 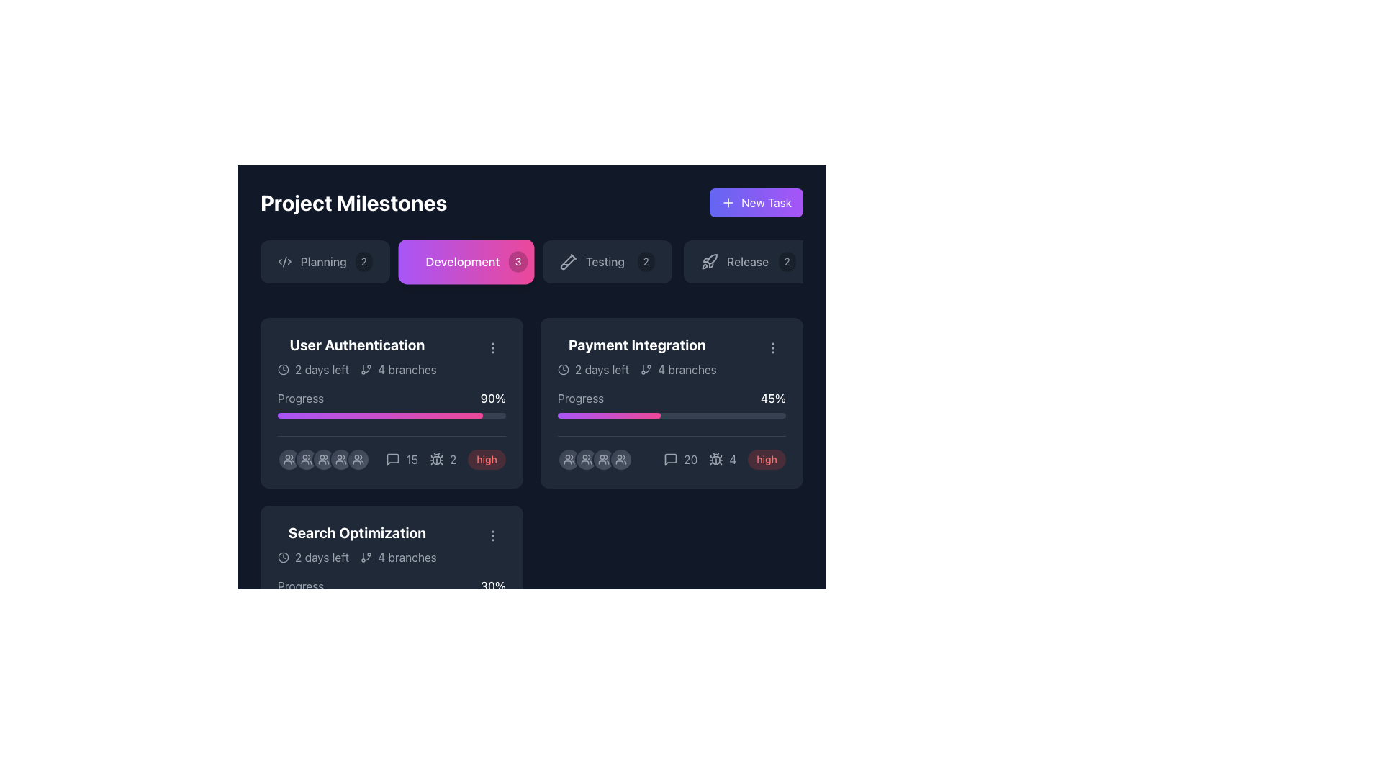 What do you see at coordinates (466, 261) in the screenshot?
I see `the second button representing the 'Development' phase, located between the 'Planning' and 'Testing' buttons` at bounding box center [466, 261].